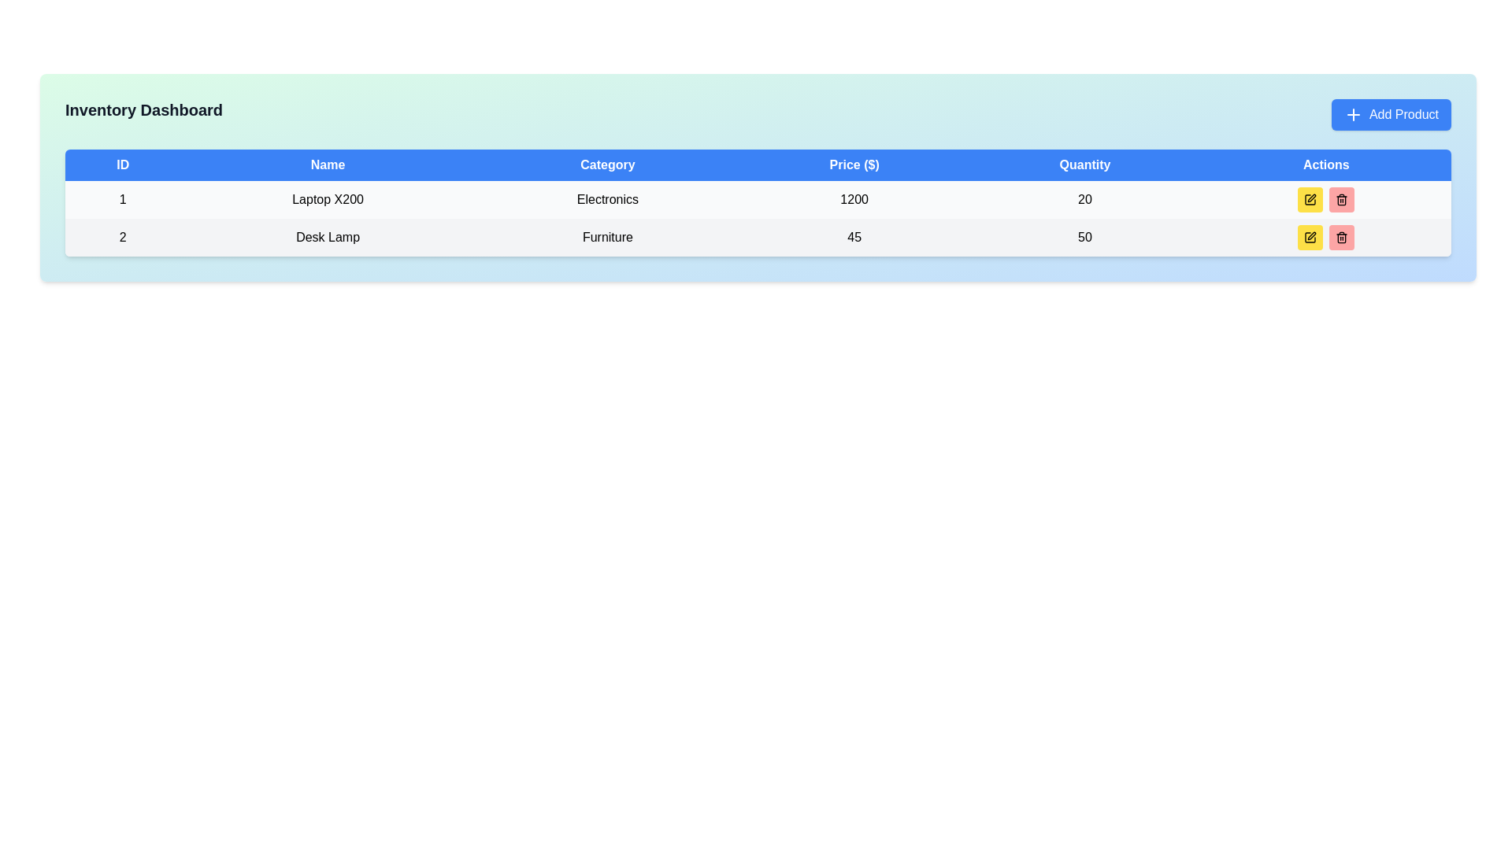  What do you see at coordinates (1312, 236) in the screenshot?
I see `the 'edit' action trigger icon located in the 'Actions' column of the second row of the data table, which is represented by a graphical icon within an SVG` at bounding box center [1312, 236].